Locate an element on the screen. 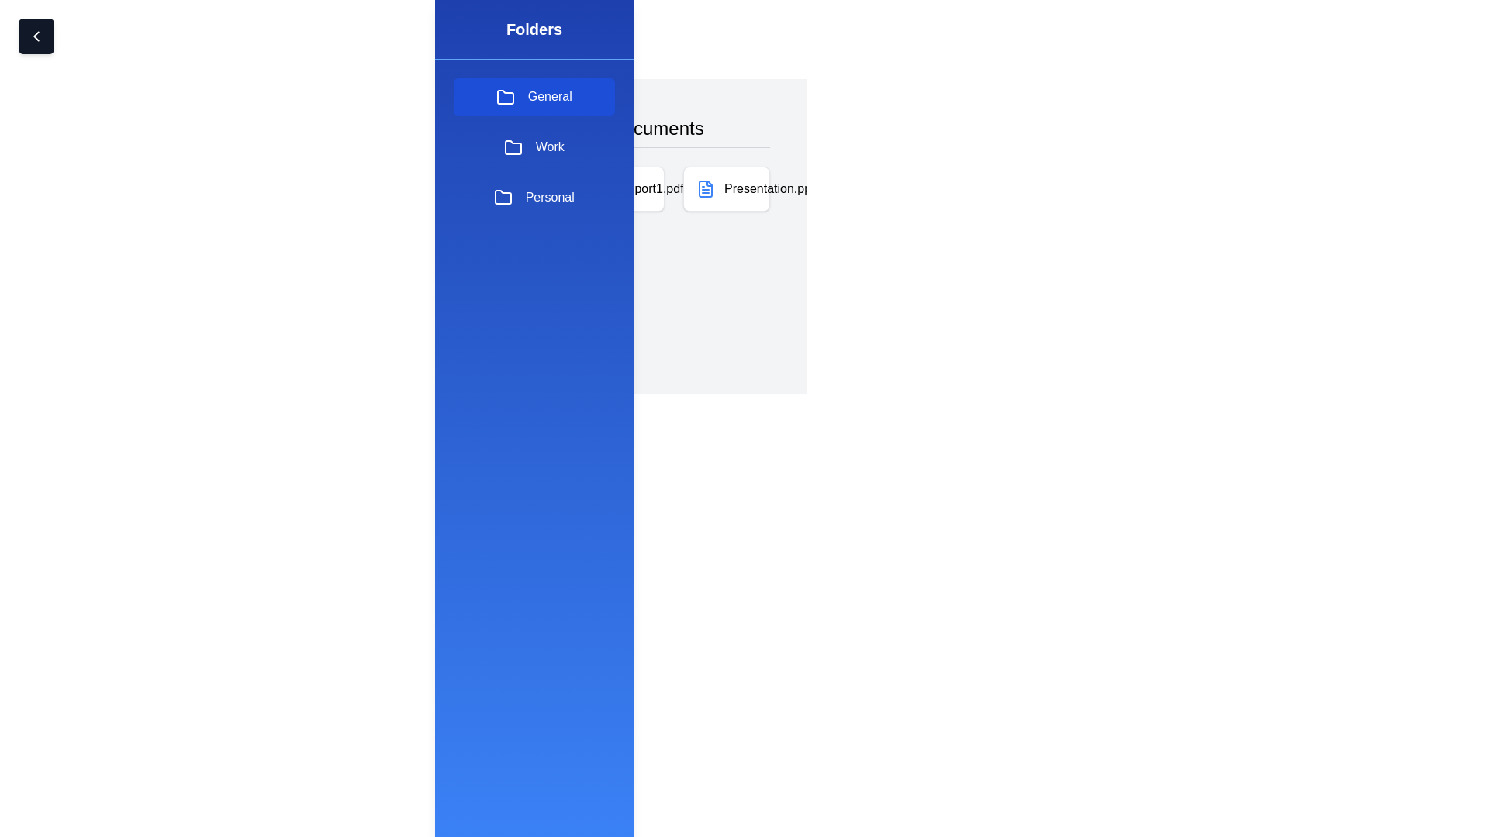  the 'Personal' folder option is located at coordinates (621, 227).